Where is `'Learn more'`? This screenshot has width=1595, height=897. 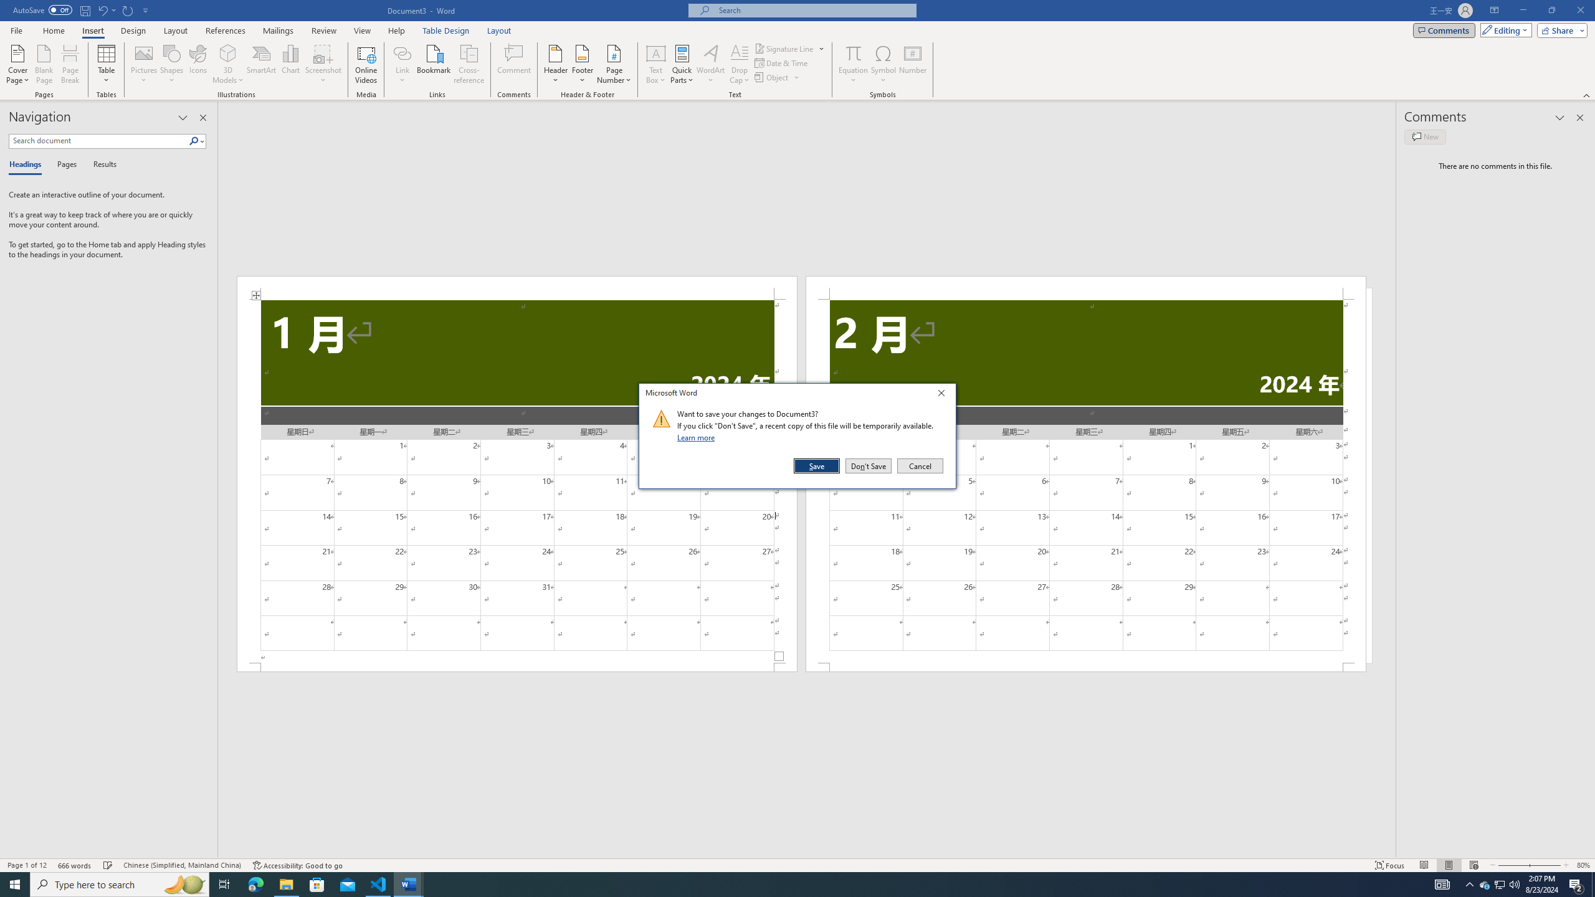
'Learn more' is located at coordinates (698, 437).